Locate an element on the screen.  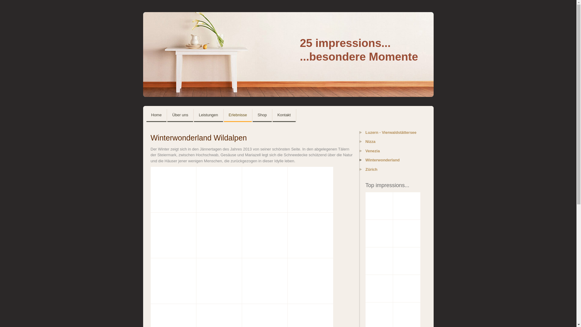
'Kontakt' is located at coordinates (284, 115).